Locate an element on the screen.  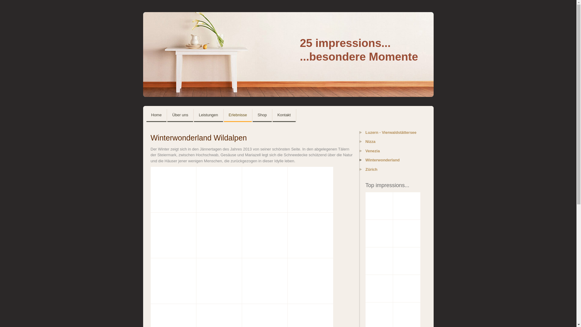
'Kontakt' is located at coordinates (284, 115).